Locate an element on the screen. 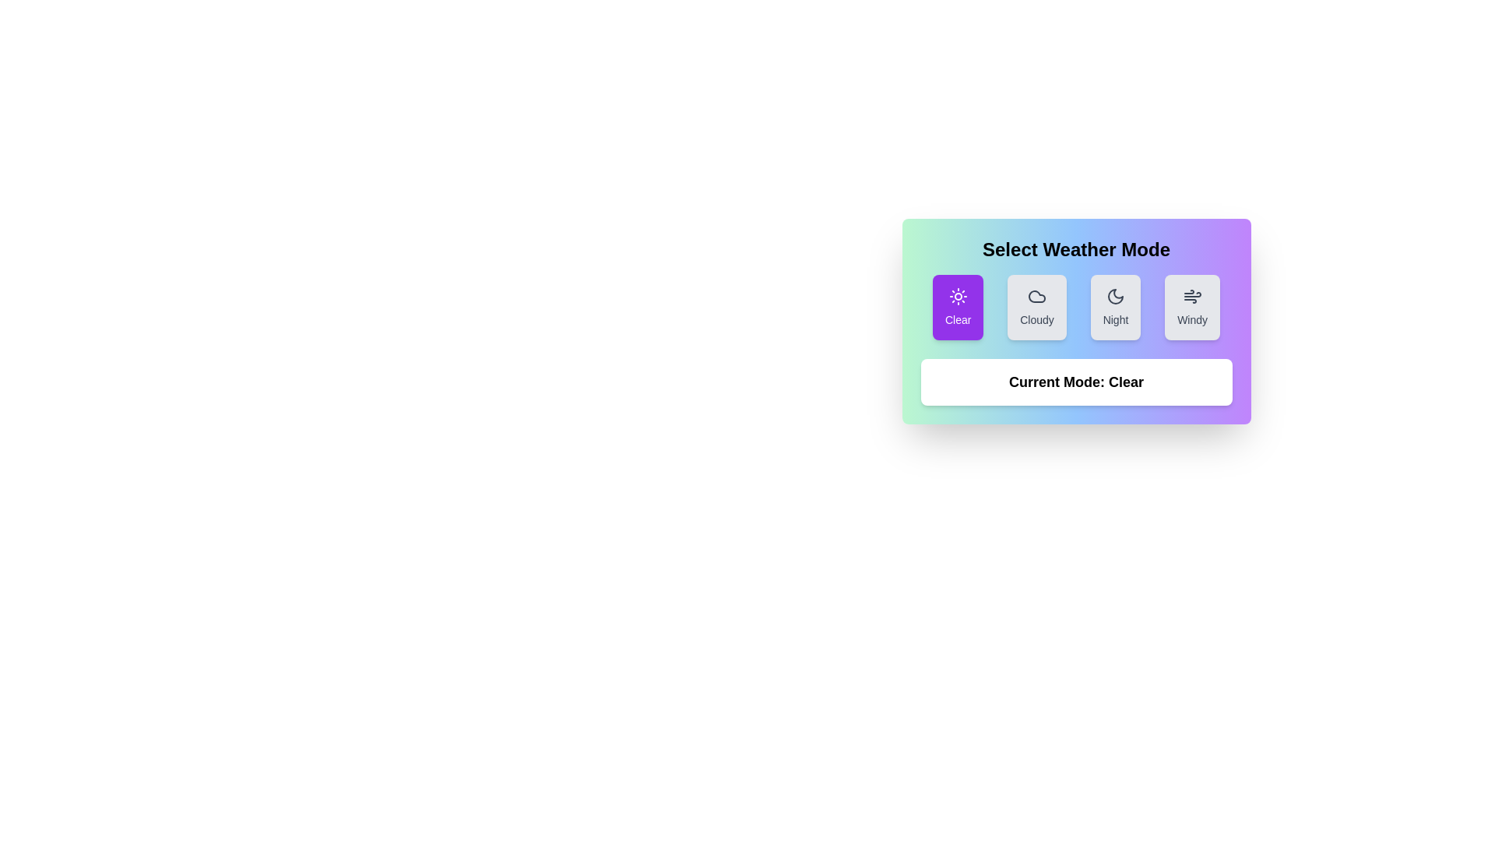 The height and width of the screenshot is (841, 1495). the 'Clear' button located on the left side of a horizontal row of weather mode buttons is located at coordinates (956, 307).